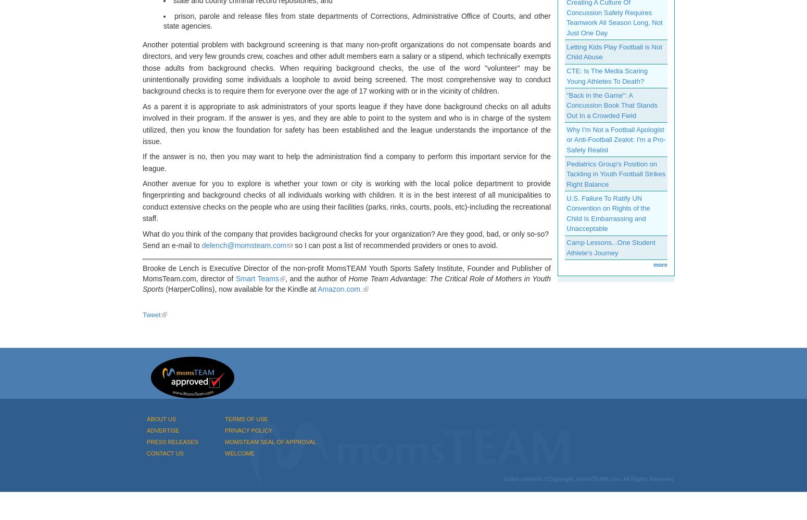 The image size is (807, 520). I want to click on 'Home Team Advantage: The Critical Role of Mothers in Youth Sports', so click(346, 283).